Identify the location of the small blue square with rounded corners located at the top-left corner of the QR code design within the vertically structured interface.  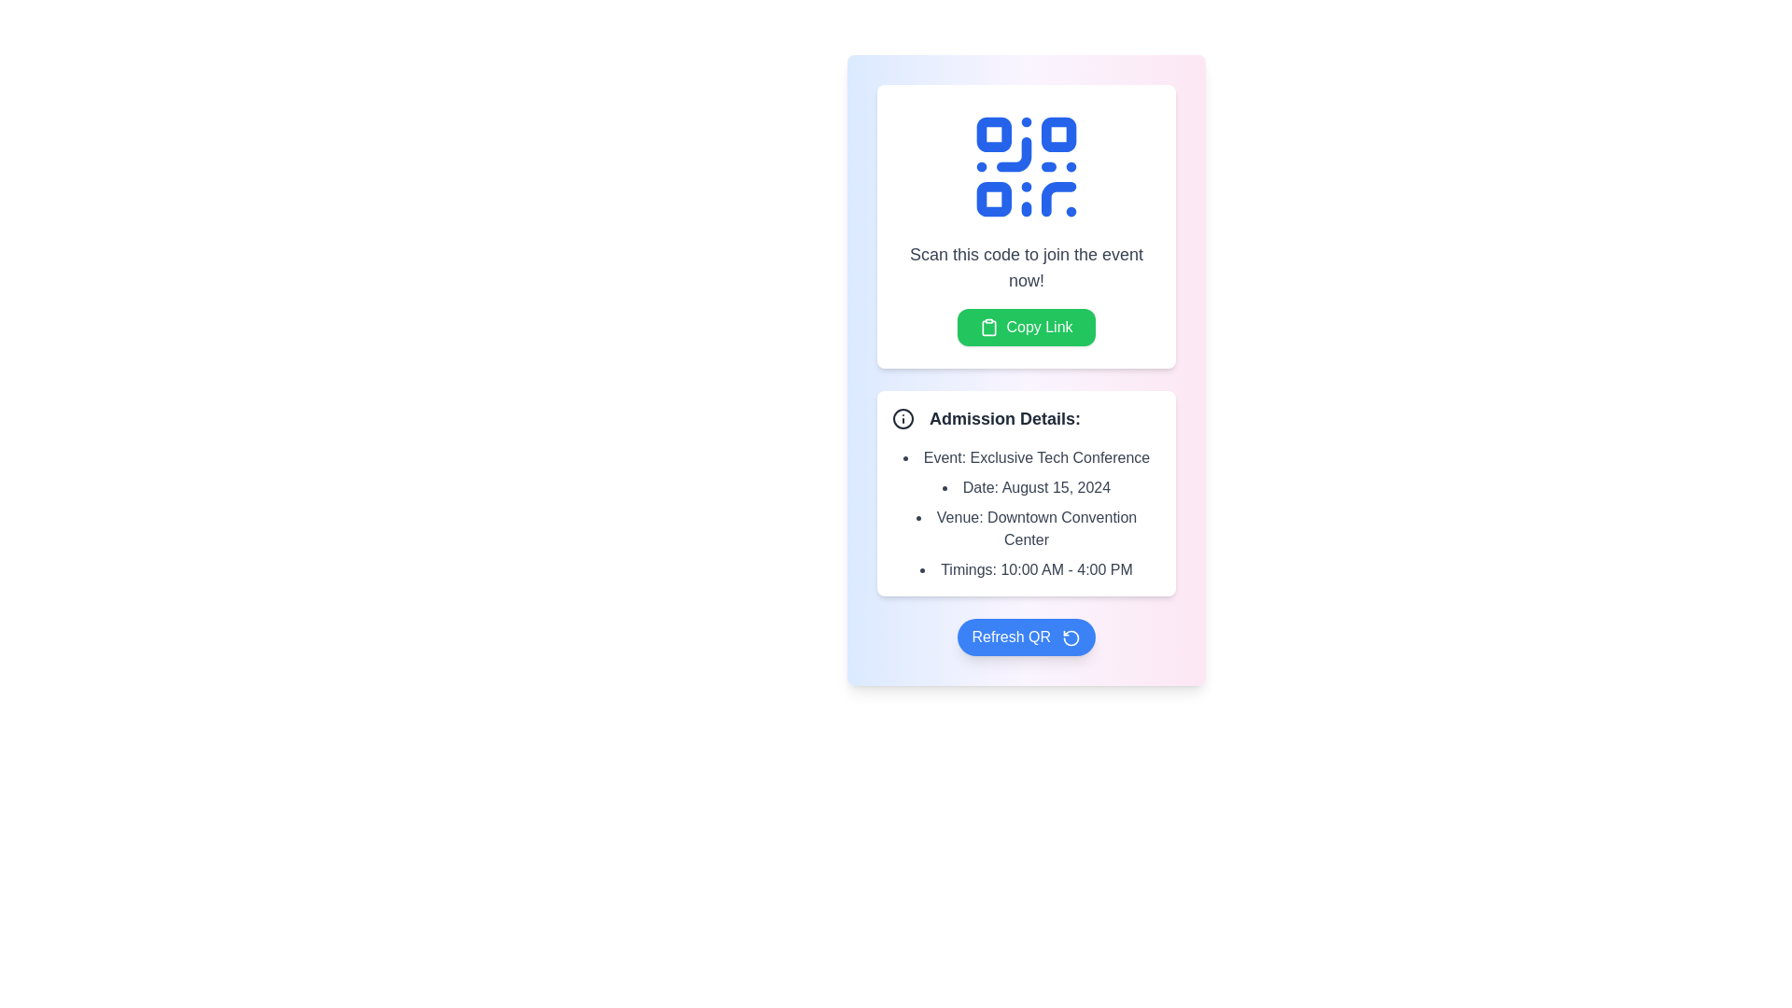
(993, 133).